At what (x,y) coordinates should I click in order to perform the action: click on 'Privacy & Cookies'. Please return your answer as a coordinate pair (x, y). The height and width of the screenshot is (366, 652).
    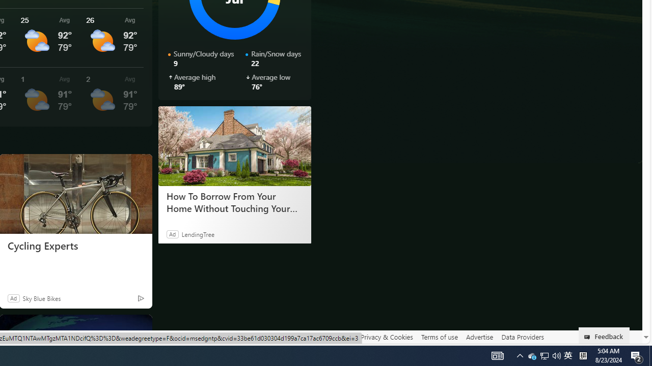
    Looking at the image, I should click on (386, 337).